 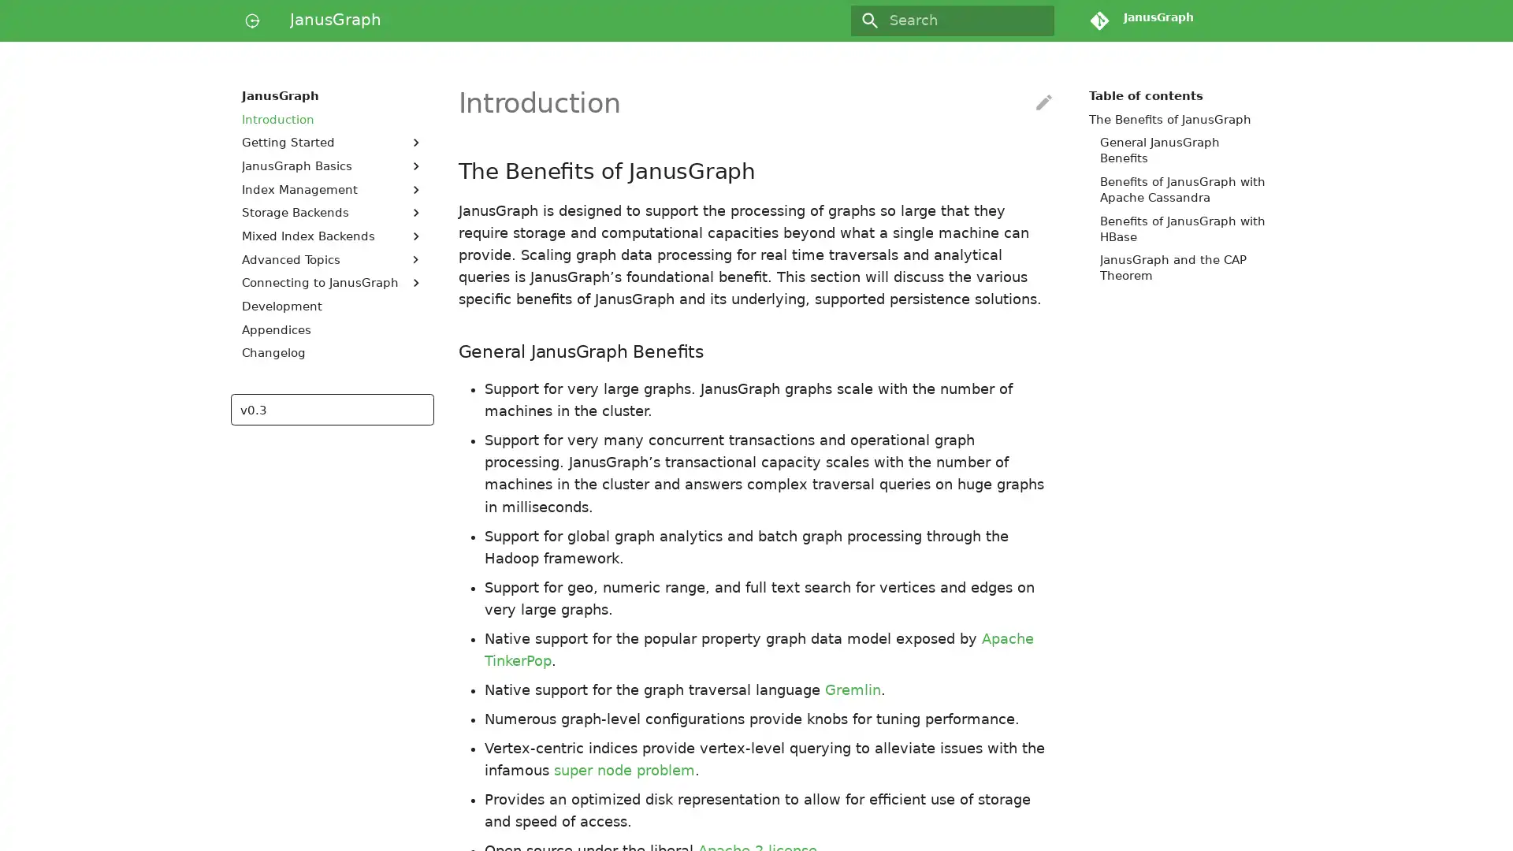 I want to click on Clear, so click(x=1035, y=20).